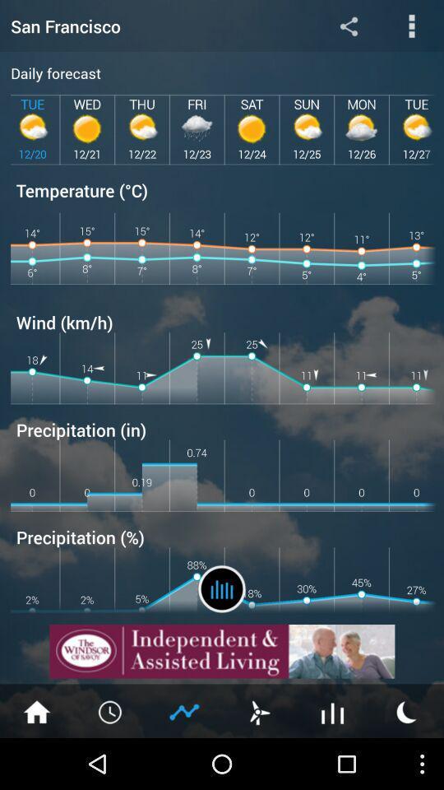  Describe the element at coordinates (406, 761) in the screenshot. I see `the weather icon` at that location.